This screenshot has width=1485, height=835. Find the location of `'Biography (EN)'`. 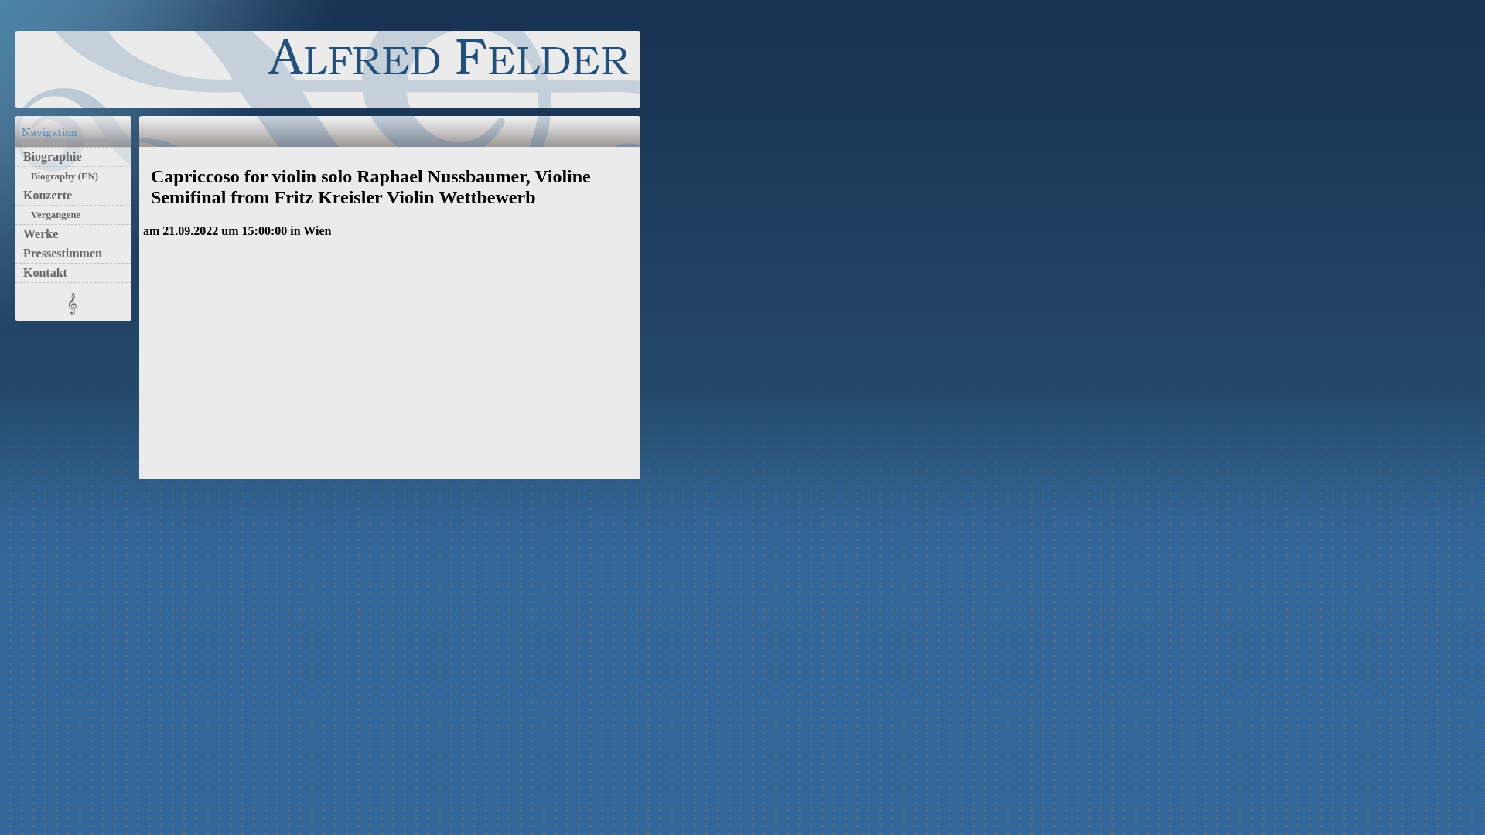

'Biography (EN)' is located at coordinates (60, 175).